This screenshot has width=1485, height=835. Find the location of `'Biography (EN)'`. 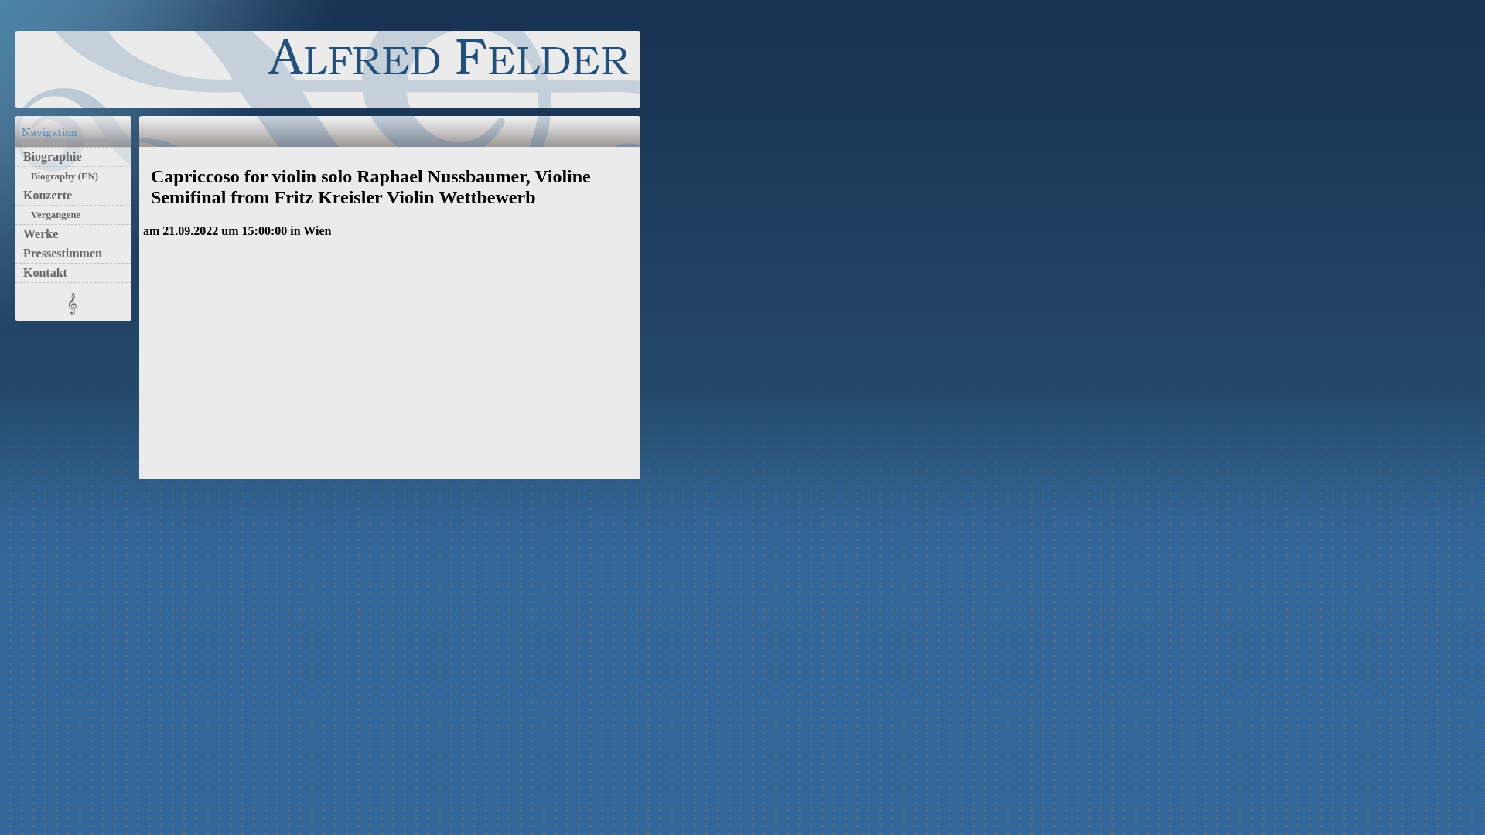

'Biography (EN)' is located at coordinates (60, 175).